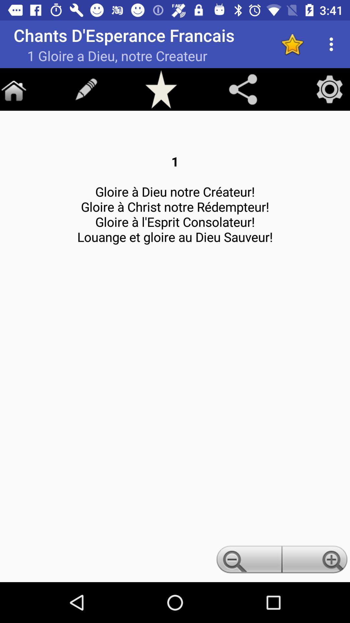 This screenshot has width=350, height=623. I want to click on zoom out, so click(248, 561).